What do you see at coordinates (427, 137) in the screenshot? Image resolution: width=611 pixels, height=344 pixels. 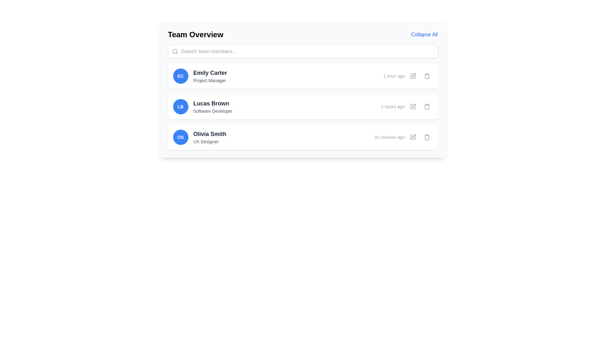 I see `the delete button, which is the third action icon` at bounding box center [427, 137].